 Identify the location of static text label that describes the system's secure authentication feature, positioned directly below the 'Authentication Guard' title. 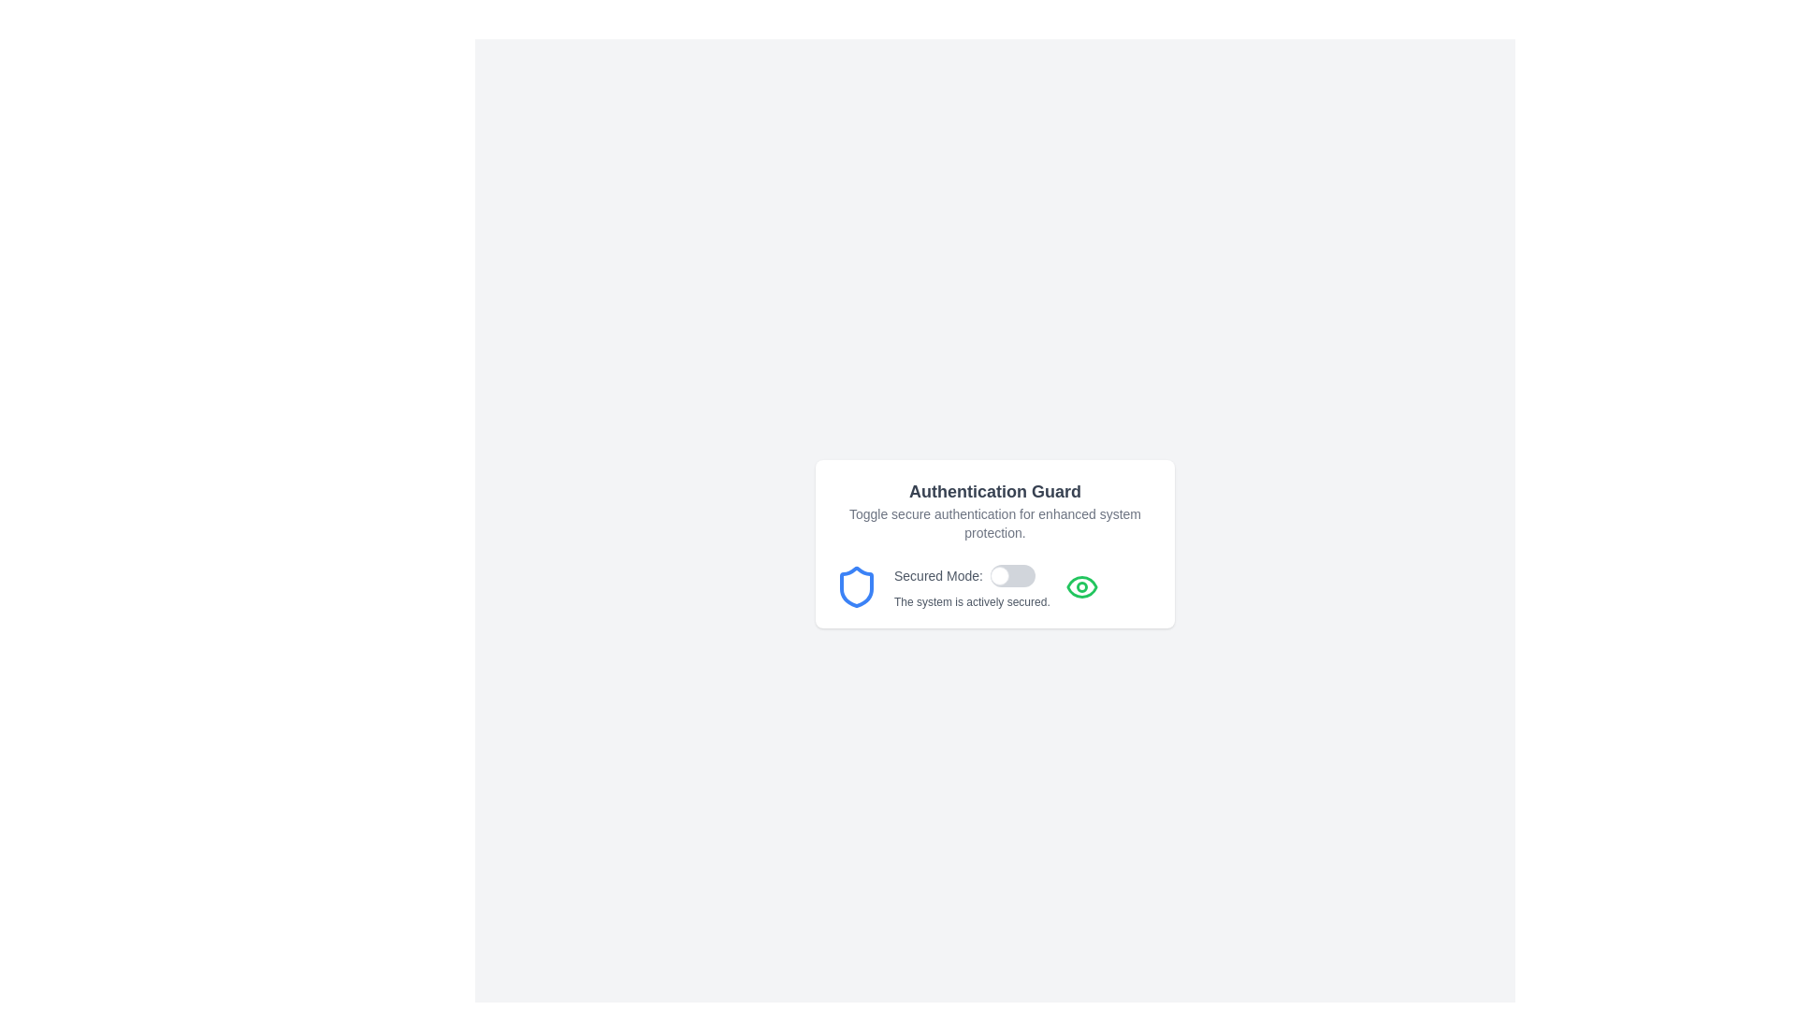
(994, 523).